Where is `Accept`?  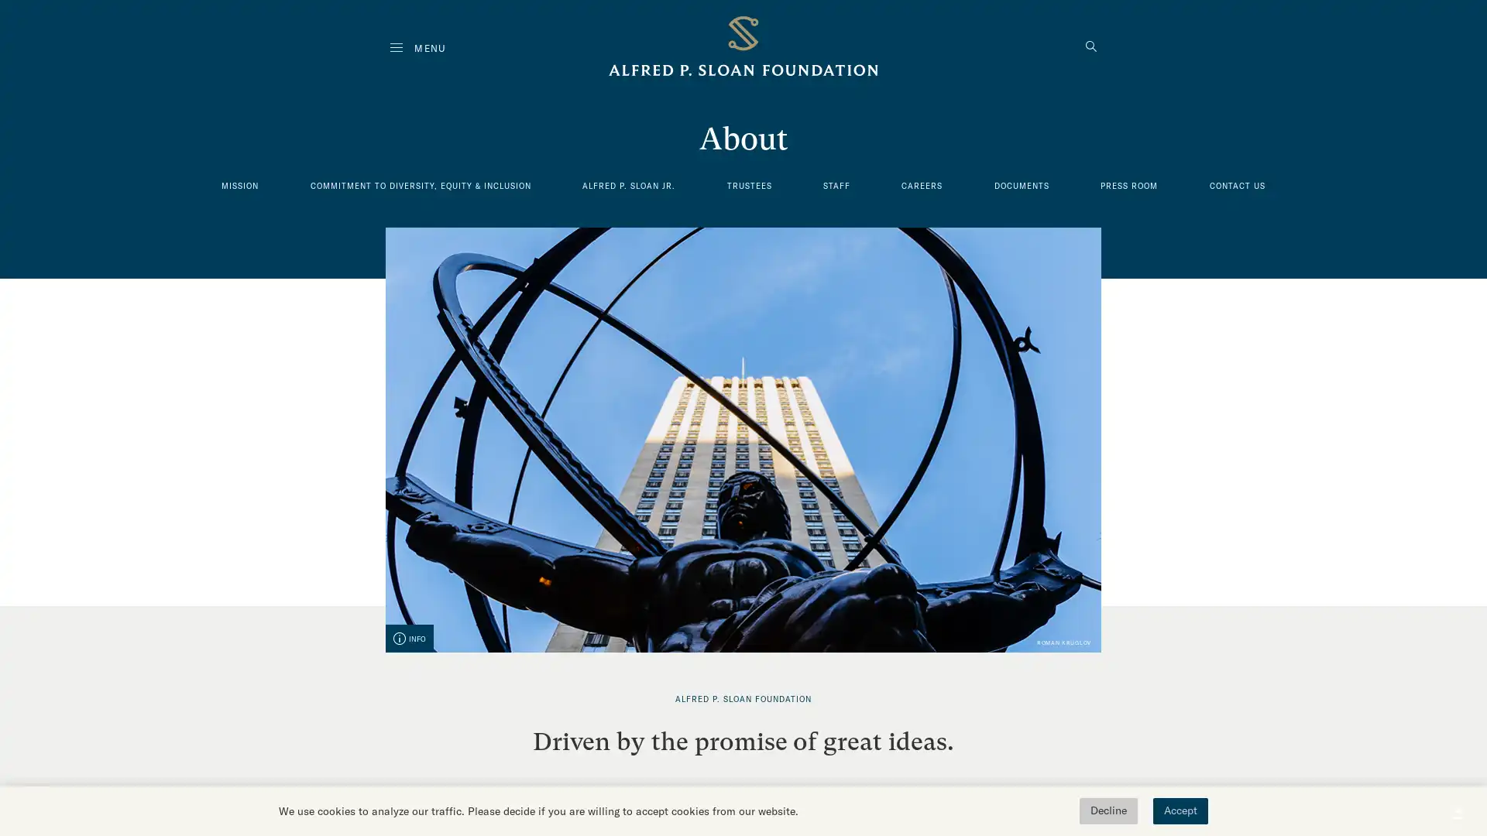
Accept is located at coordinates (1180, 810).